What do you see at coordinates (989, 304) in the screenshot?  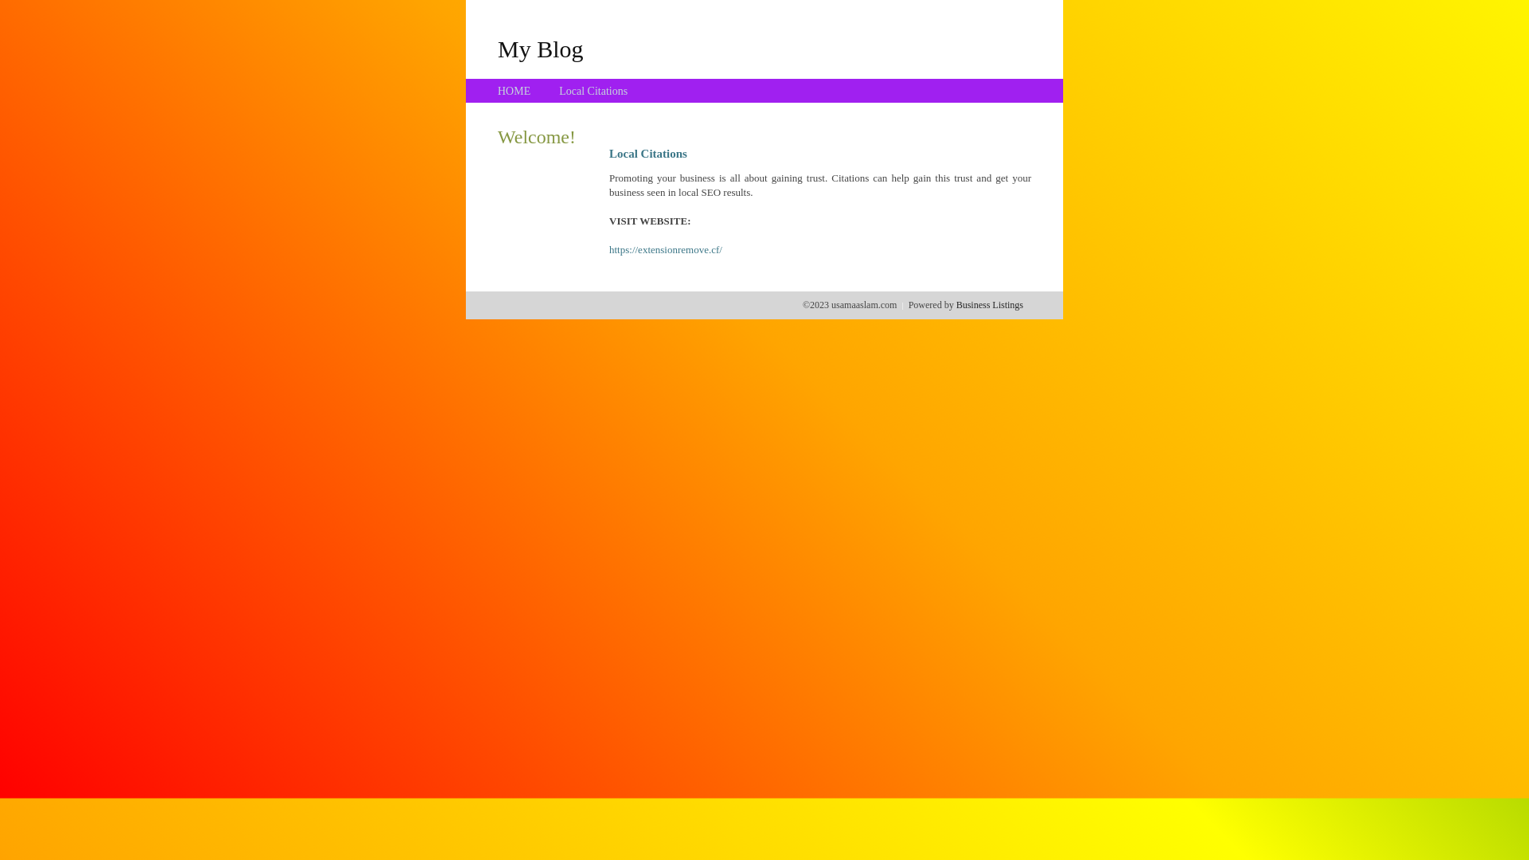 I see `'Business Listings'` at bounding box center [989, 304].